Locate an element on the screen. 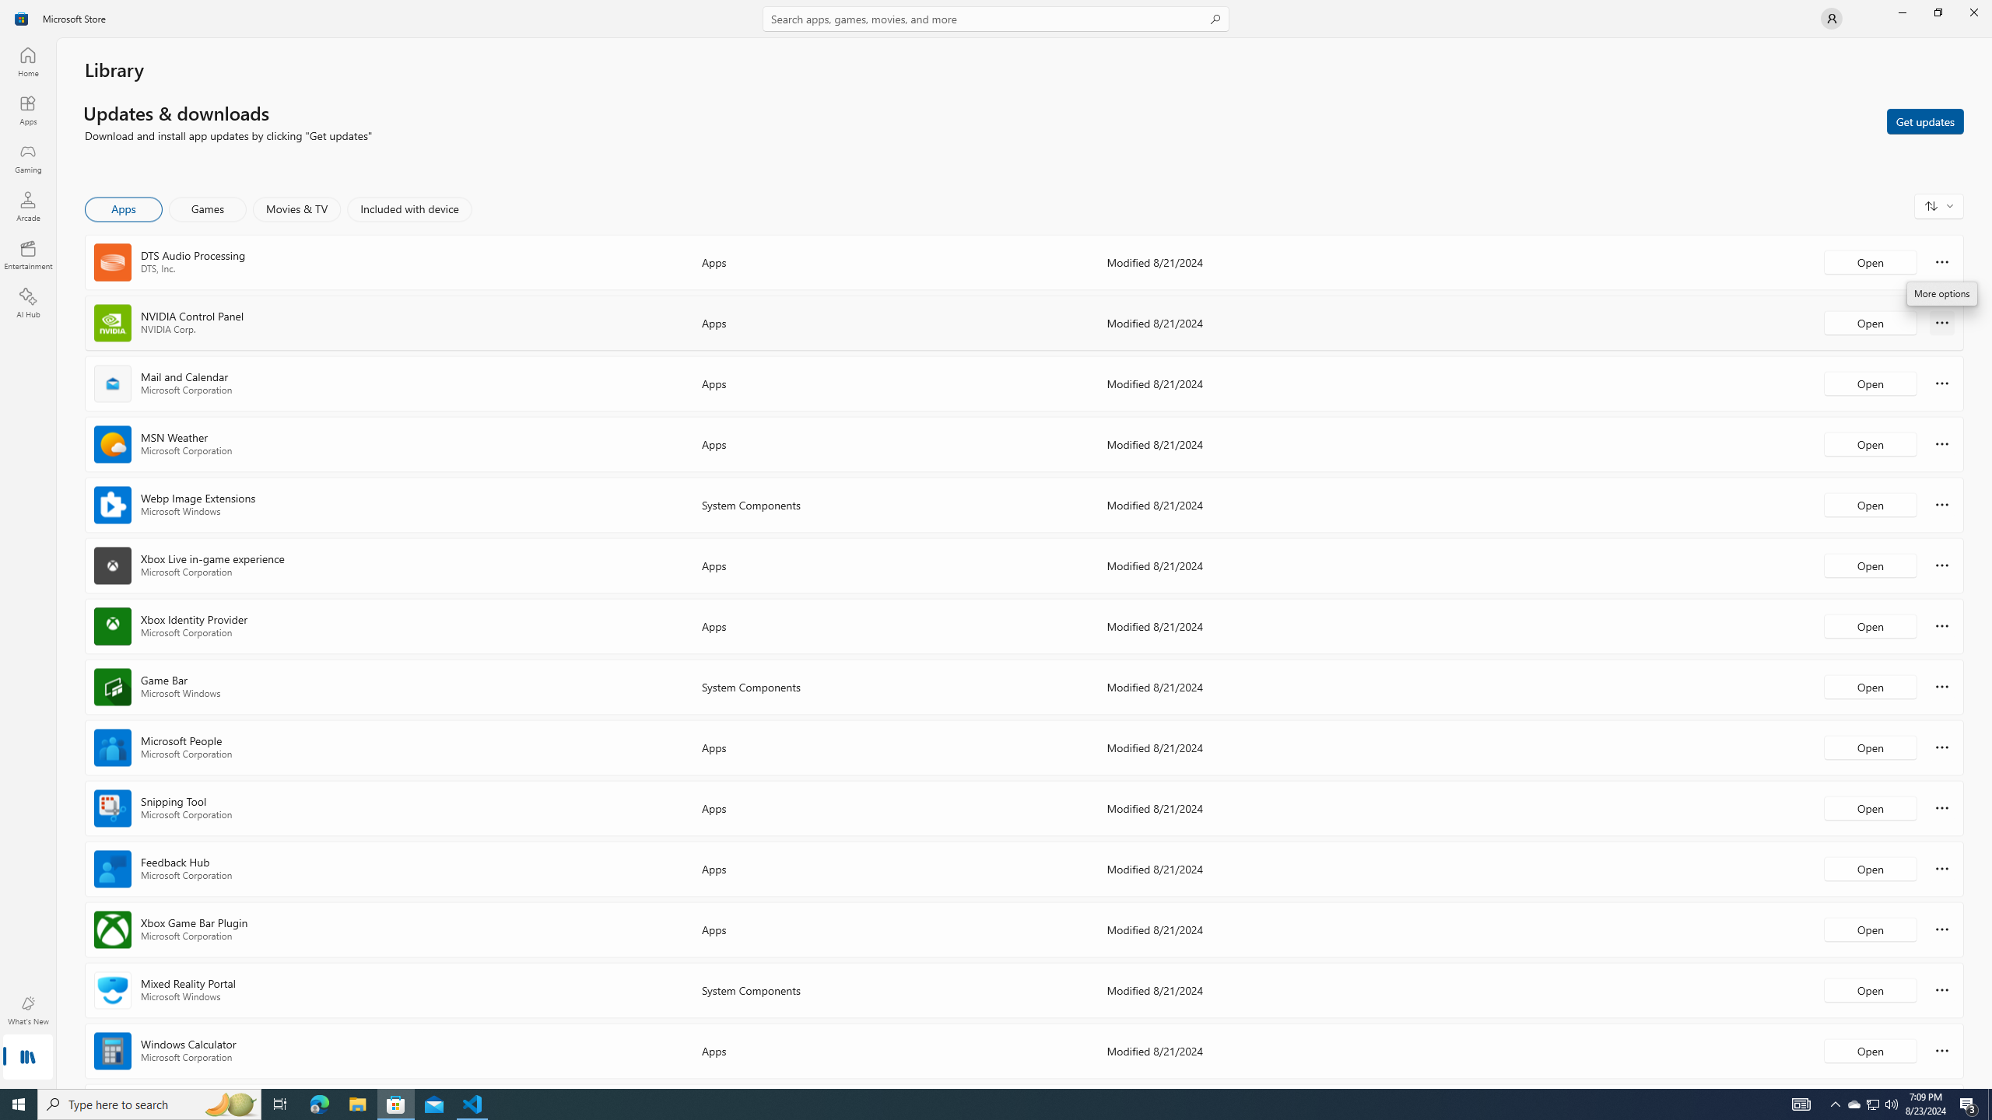 The height and width of the screenshot is (1120, 1992). 'Arcade' is located at coordinates (26, 205).